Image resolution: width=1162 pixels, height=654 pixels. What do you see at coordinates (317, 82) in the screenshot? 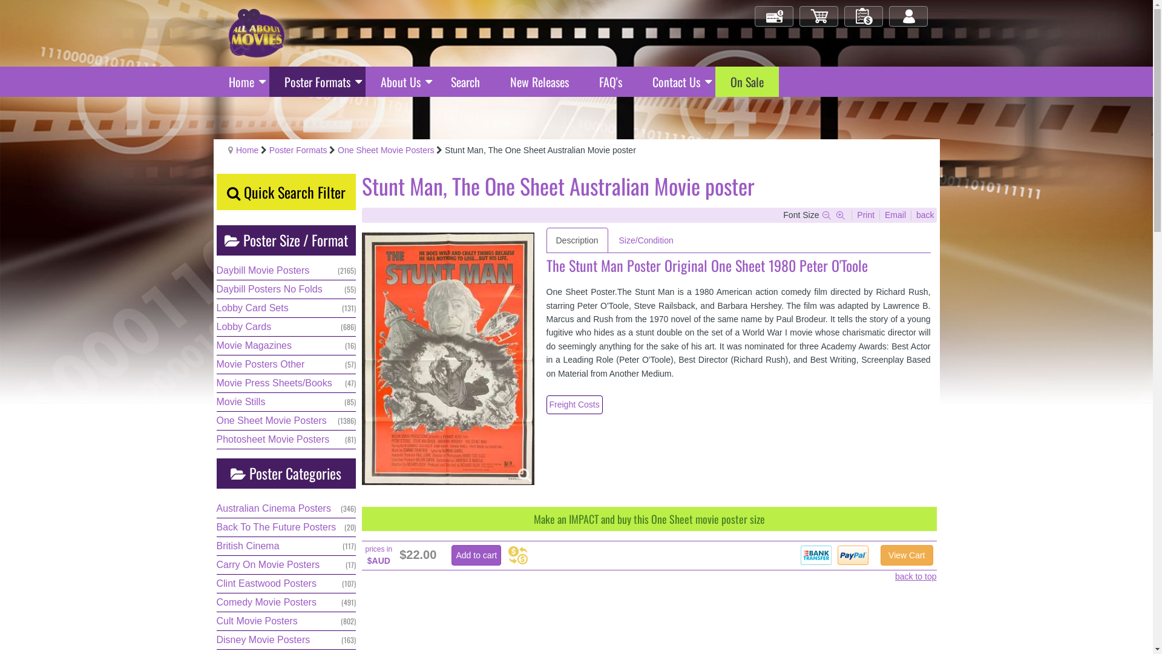
I see `'Poster Formats'` at bounding box center [317, 82].